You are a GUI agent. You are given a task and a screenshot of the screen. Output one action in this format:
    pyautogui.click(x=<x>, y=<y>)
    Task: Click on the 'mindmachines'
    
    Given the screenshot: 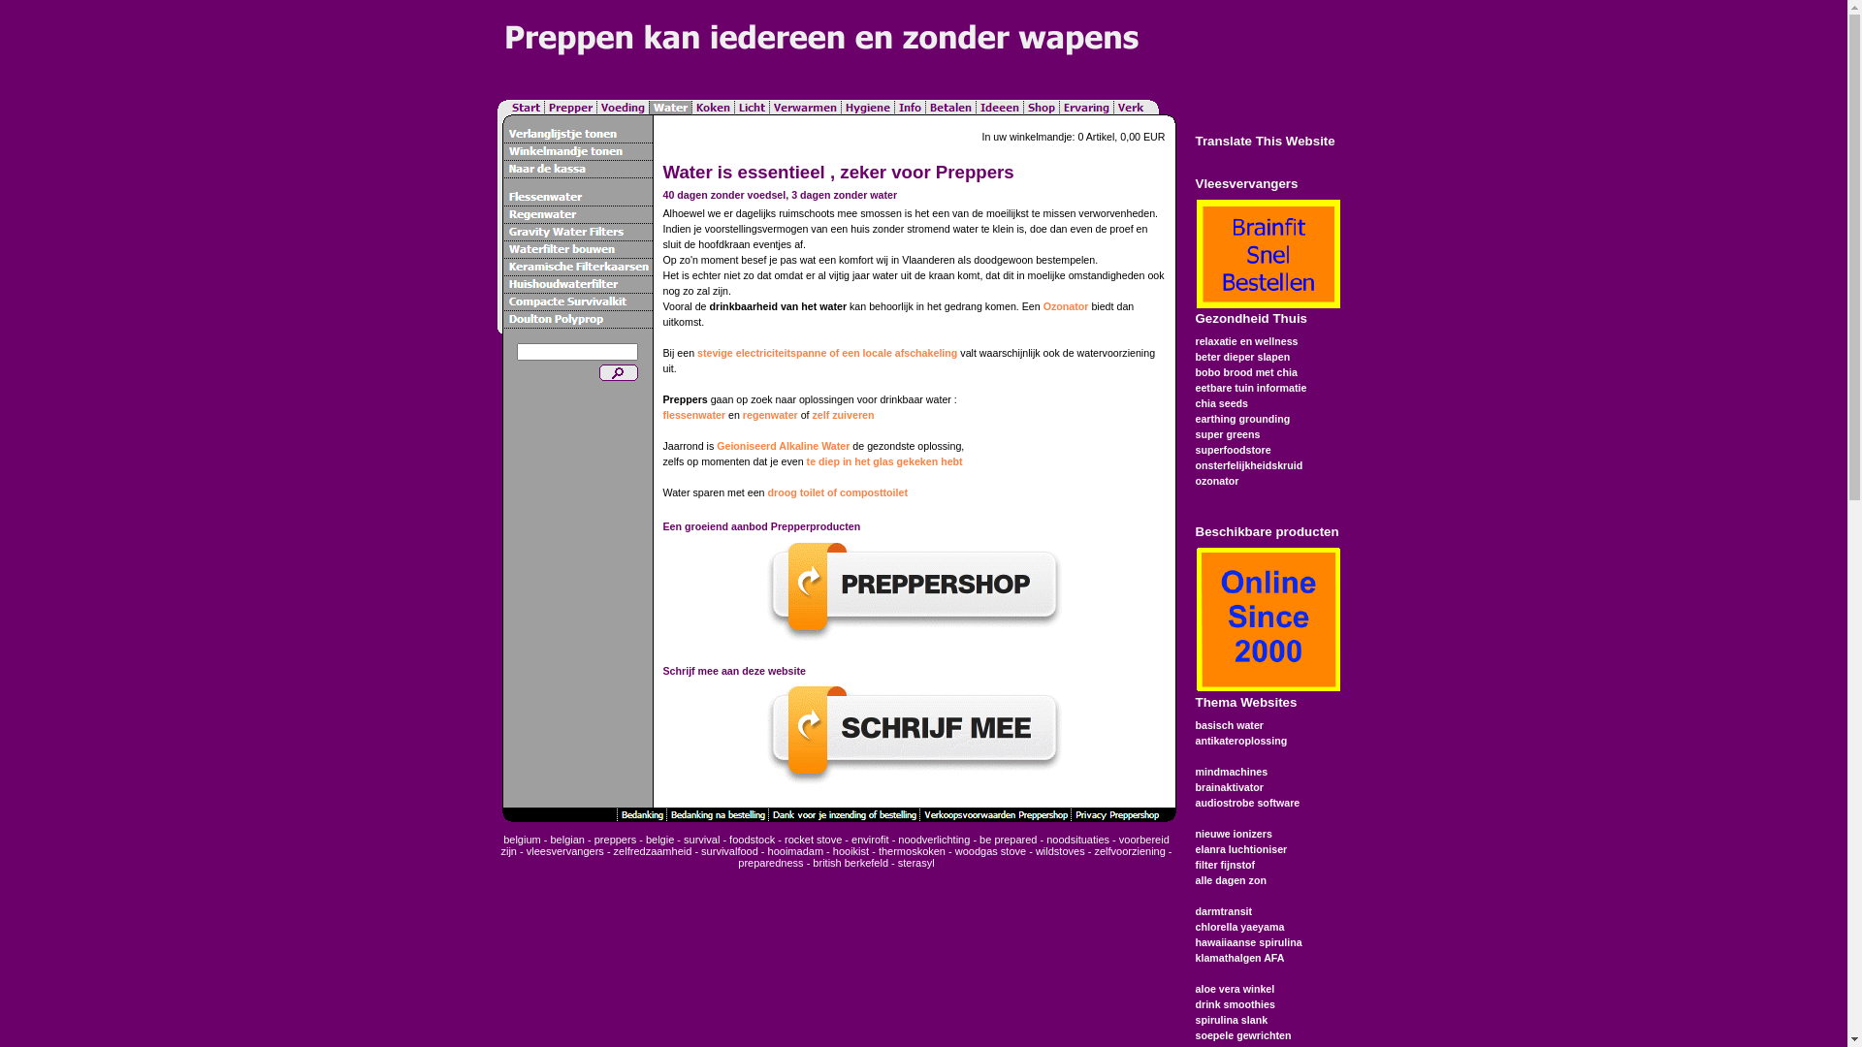 What is the action you would take?
    pyautogui.click(x=1230, y=770)
    